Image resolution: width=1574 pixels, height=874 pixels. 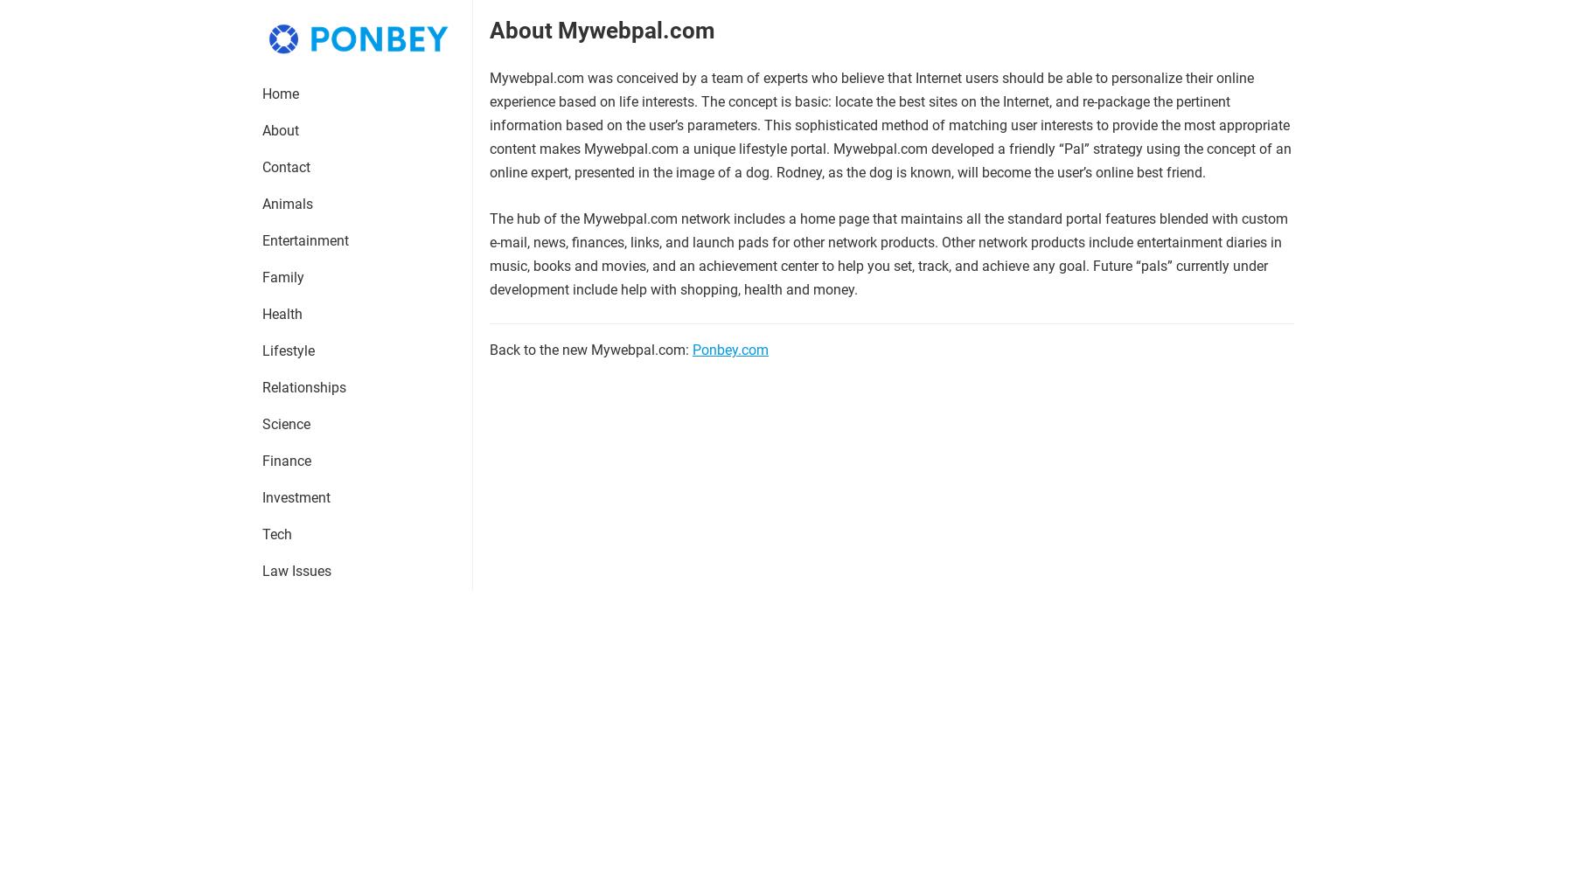 What do you see at coordinates (888, 253) in the screenshot?
I see `'The hub of the Mywebpal.com network includes a home page that maintains all the standard portal features blended with custom e-mail, news, finances, links, and launch pads for other network products. Other network products include entertainment diaries in music, books and movies, and an achievement center to help you set, track, and achieve any goal. Future “pals” currently under development include help with shopping, health and money.'` at bounding box center [888, 253].